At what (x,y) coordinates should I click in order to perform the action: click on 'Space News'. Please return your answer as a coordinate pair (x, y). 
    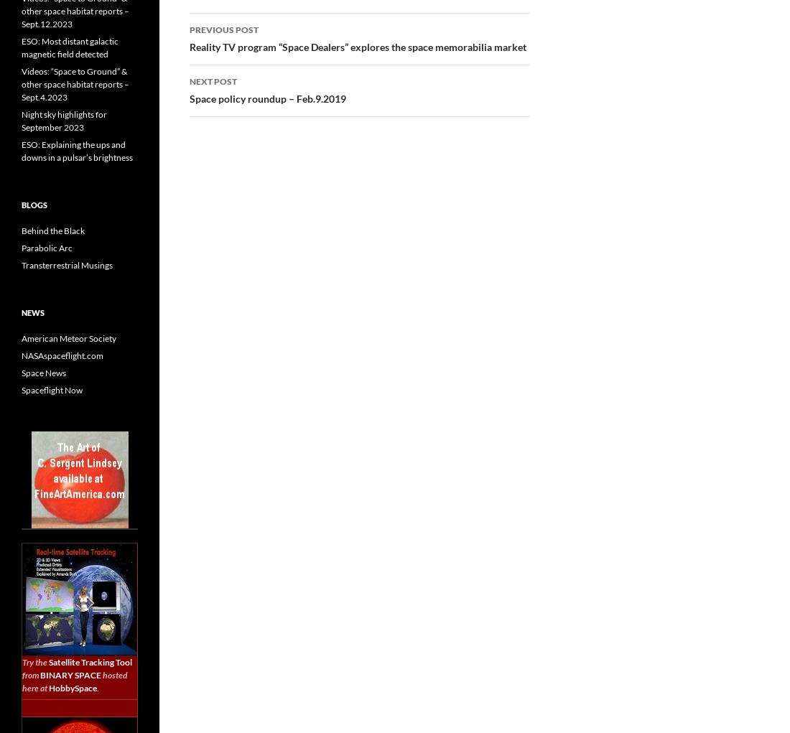
    Looking at the image, I should click on (43, 373).